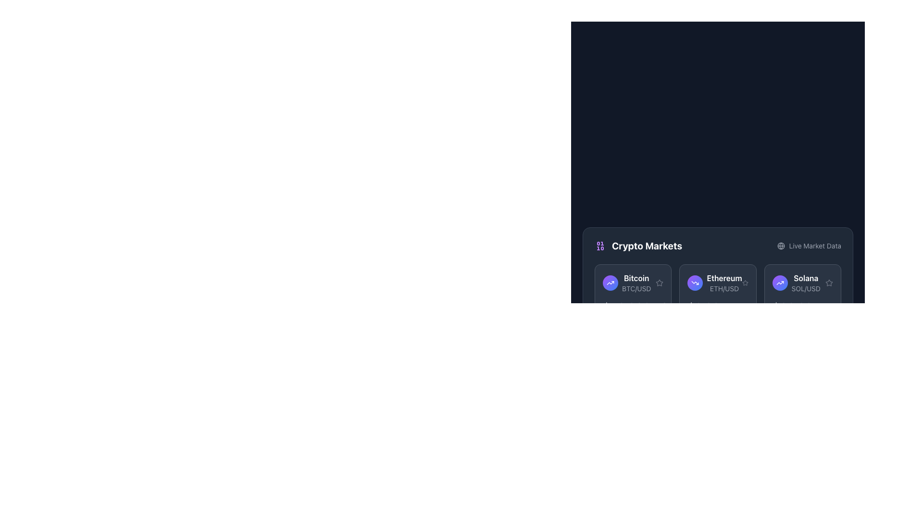  Describe the element at coordinates (828, 282) in the screenshot. I see `the gray star-shaped icon button located within the 'Solana SOL/USD' card to change its color to yellow` at that location.